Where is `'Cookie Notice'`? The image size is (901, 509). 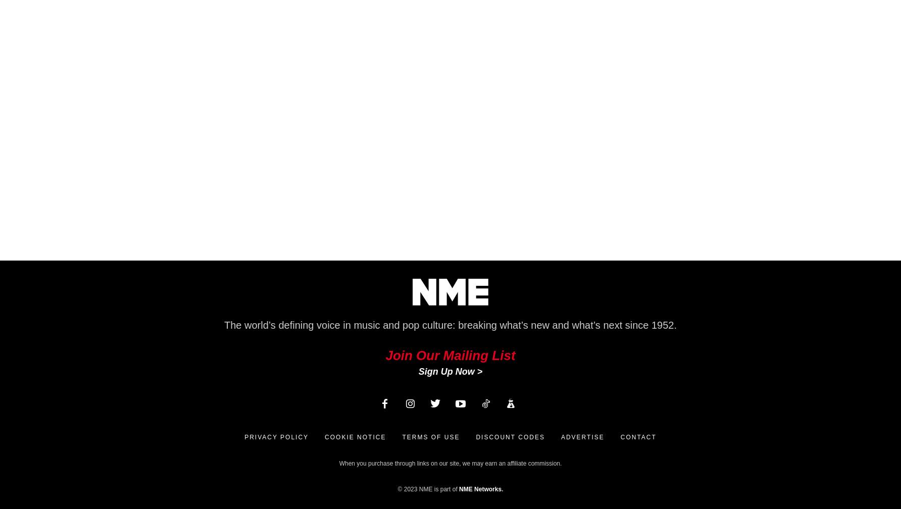 'Cookie Notice' is located at coordinates (355, 437).